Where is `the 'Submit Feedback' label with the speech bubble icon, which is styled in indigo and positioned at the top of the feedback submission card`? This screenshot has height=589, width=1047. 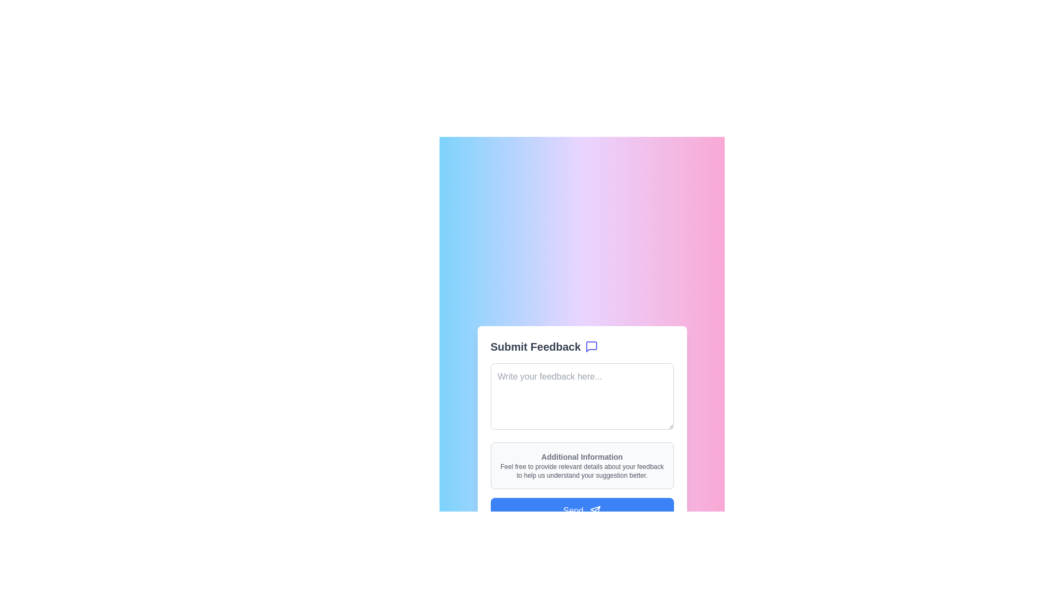 the 'Submit Feedback' label with the speech bubble icon, which is styled in indigo and positioned at the top of the feedback submission card is located at coordinates (581, 346).